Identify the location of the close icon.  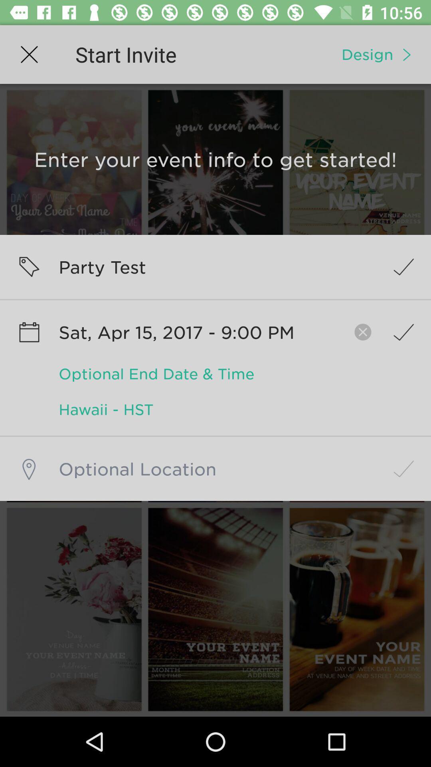
(358, 332).